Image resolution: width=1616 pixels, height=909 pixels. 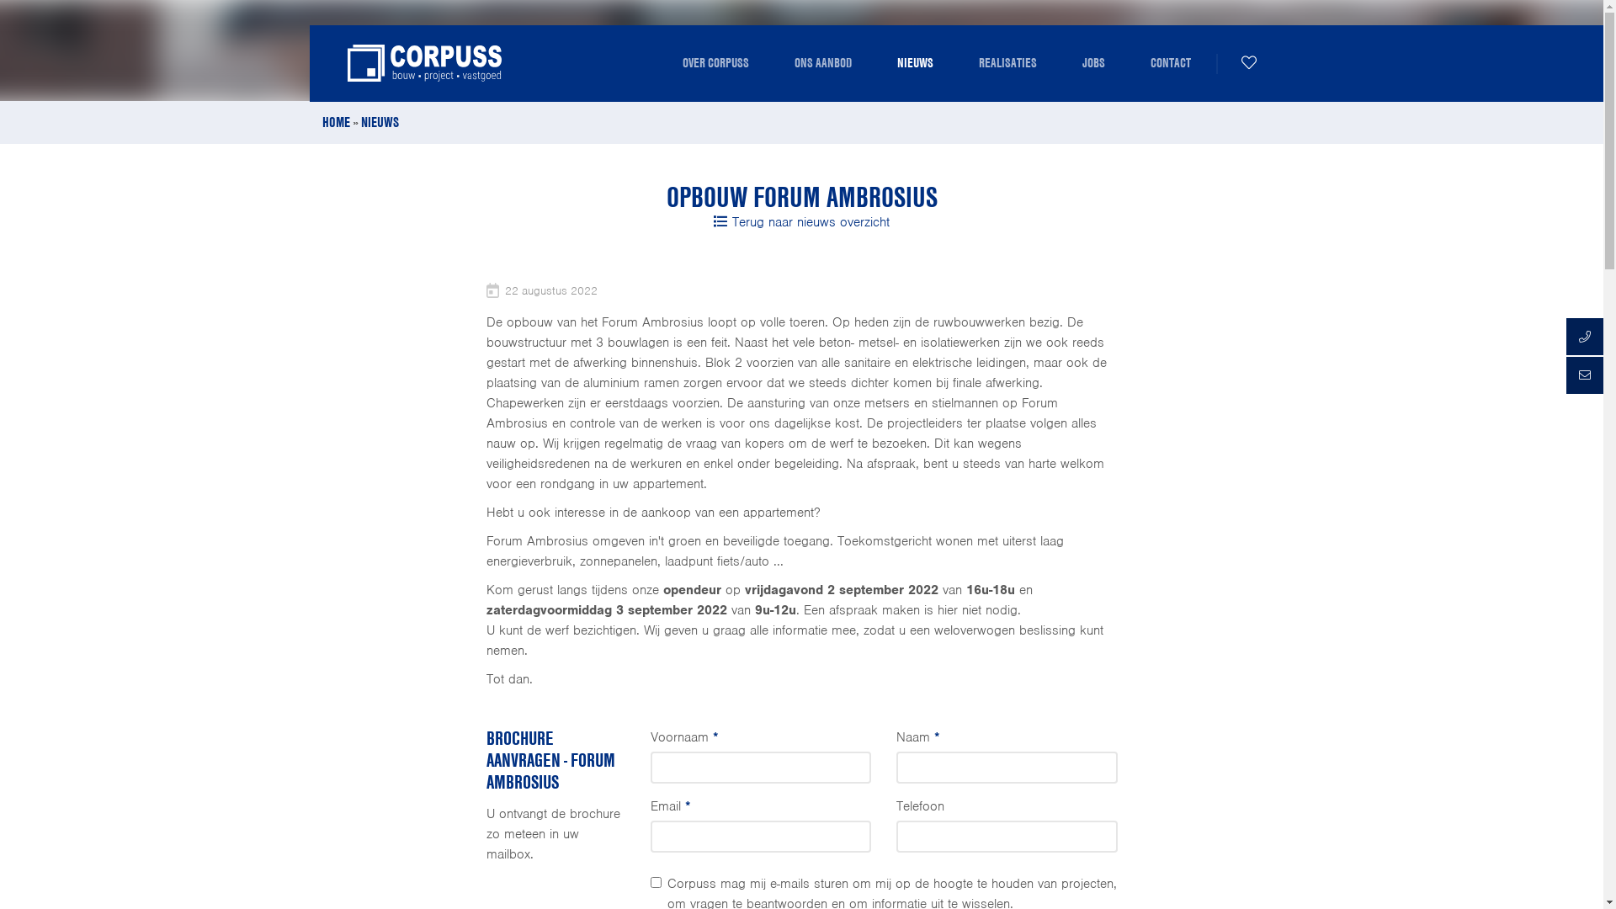 I want to click on 'REALISATIES', so click(x=1007, y=61).